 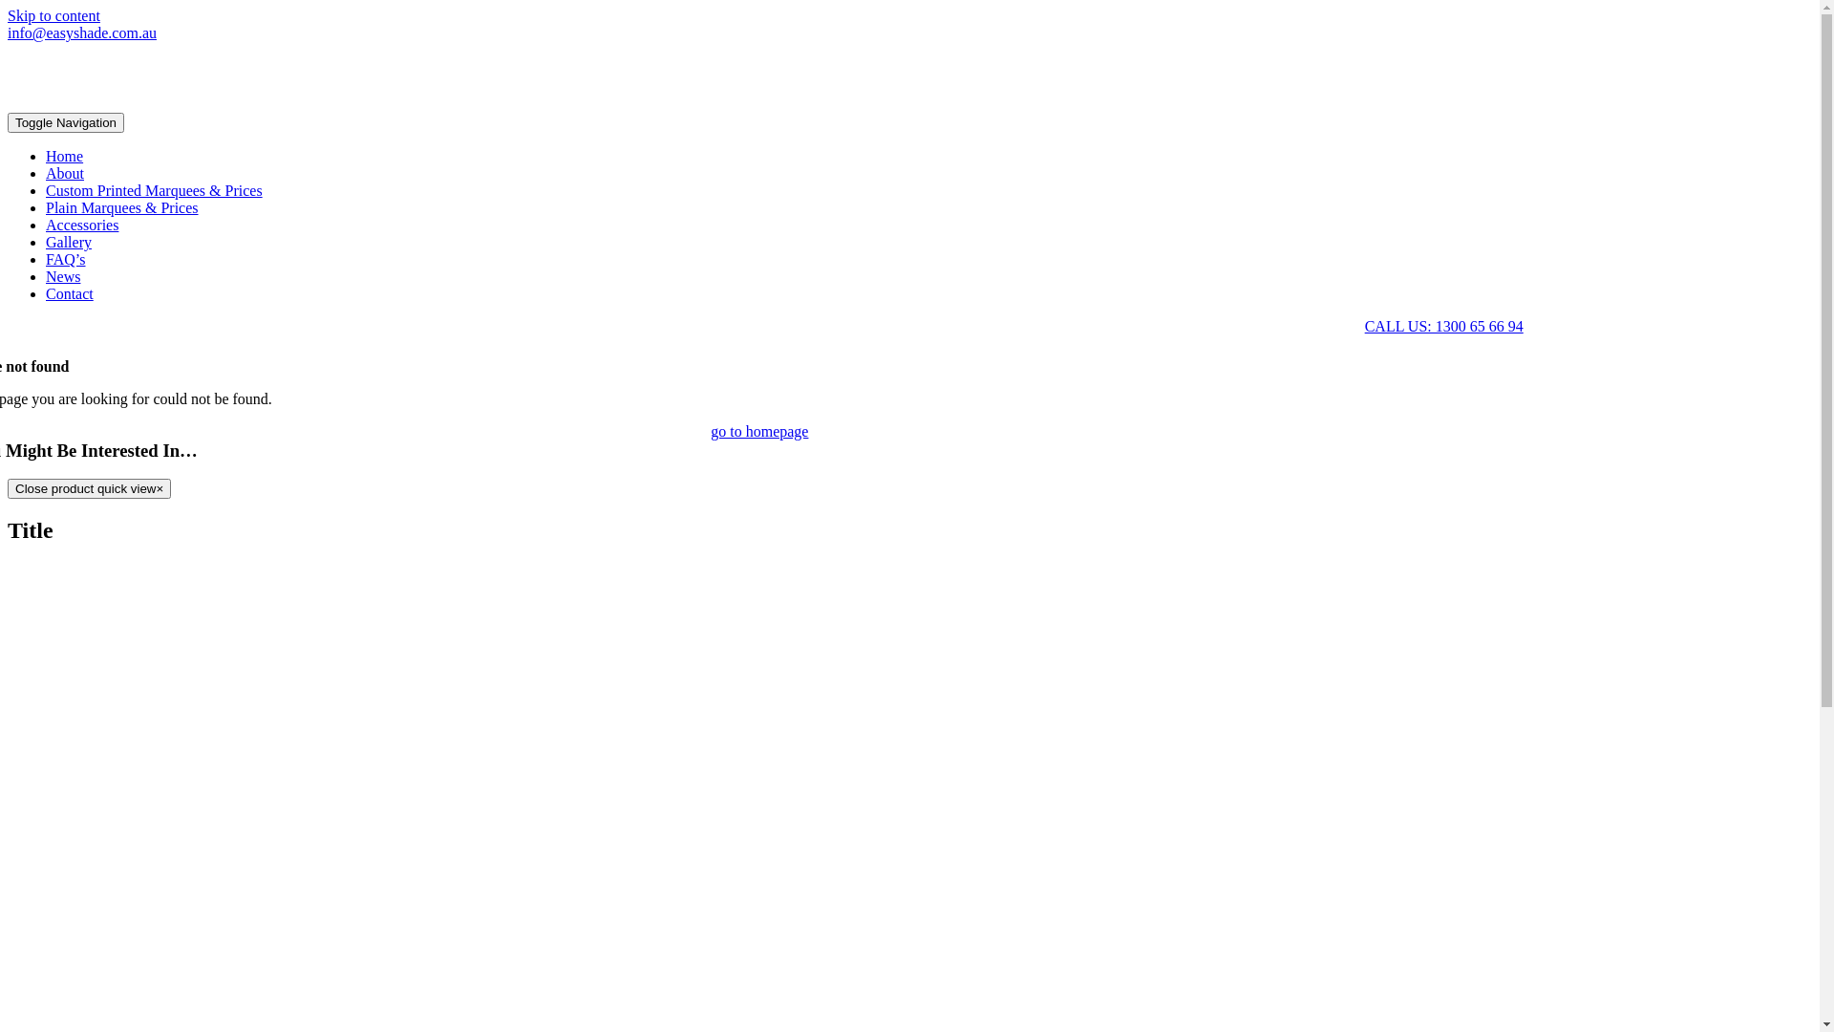 I want to click on 'go to homepage', so click(x=758, y=431).